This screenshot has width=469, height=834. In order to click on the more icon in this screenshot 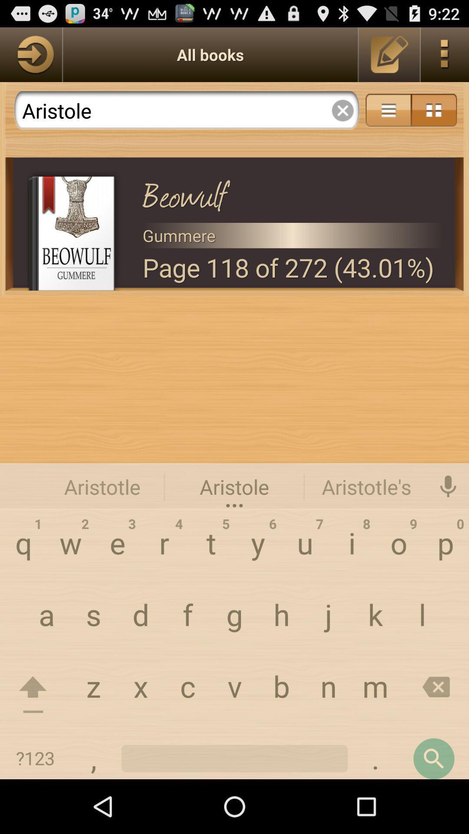, I will do `click(445, 58)`.